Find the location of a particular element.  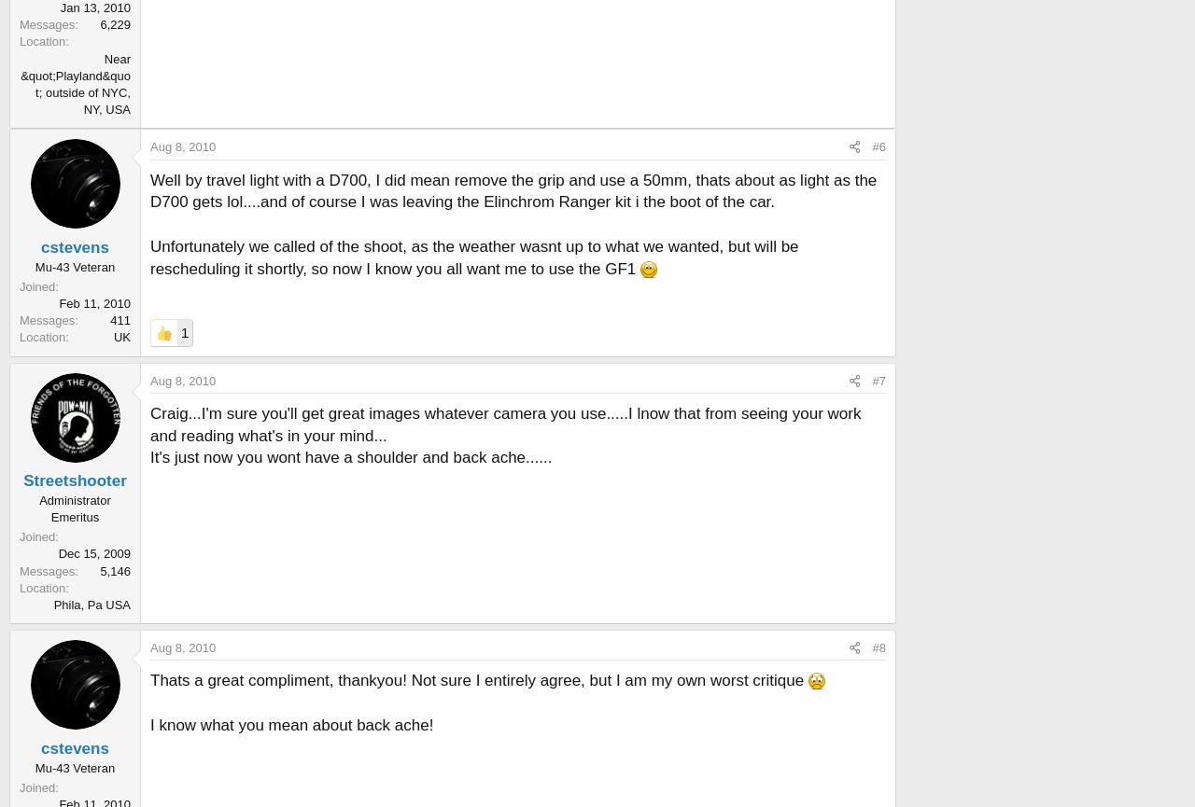

'#8' is located at coordinates (878, 647).